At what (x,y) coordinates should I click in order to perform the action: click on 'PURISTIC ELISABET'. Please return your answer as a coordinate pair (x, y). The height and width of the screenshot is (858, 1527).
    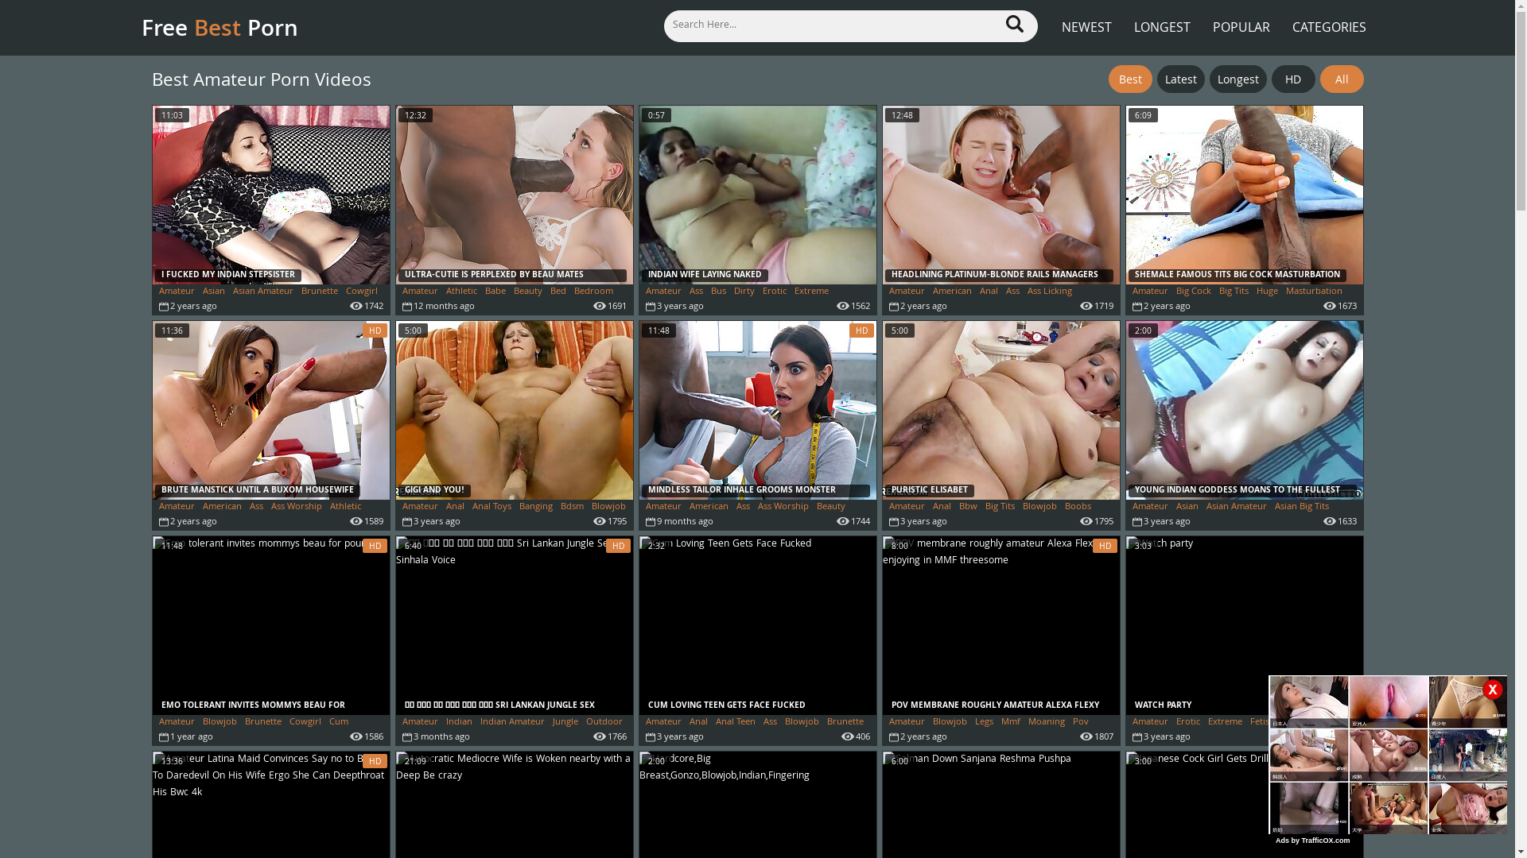
    Looking at the image, I should click on (881, 409).